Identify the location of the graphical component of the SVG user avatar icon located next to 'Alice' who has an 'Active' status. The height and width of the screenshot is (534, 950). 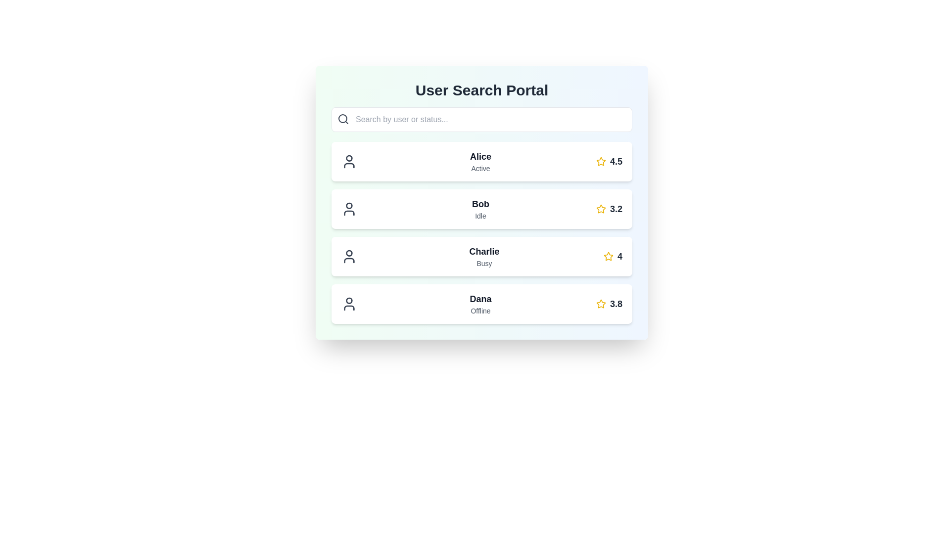
(349, 158).